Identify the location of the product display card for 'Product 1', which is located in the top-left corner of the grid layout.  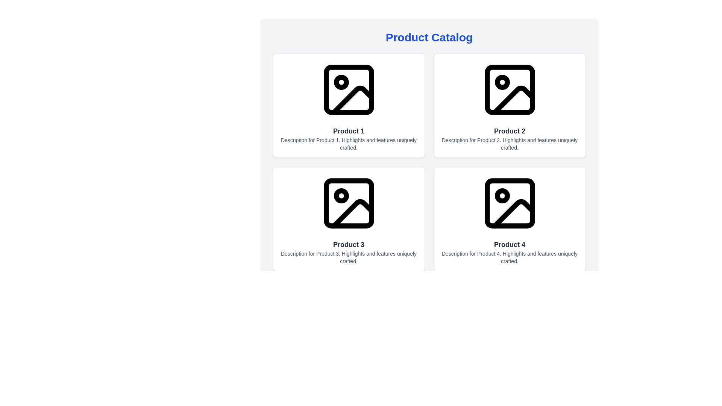
(348, 106).